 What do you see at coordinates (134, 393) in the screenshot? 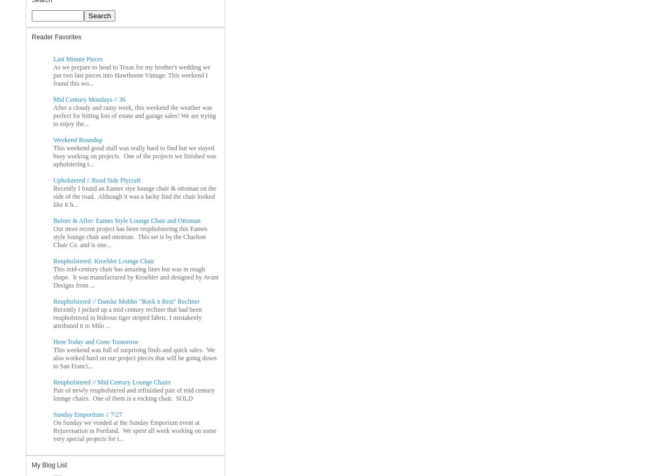
I see `'Pair of newly reupholstered and refinished pair of mid century lounge chairs.  One of them is a rocking chair.  SOLD'` at bounding box center [134, 393].